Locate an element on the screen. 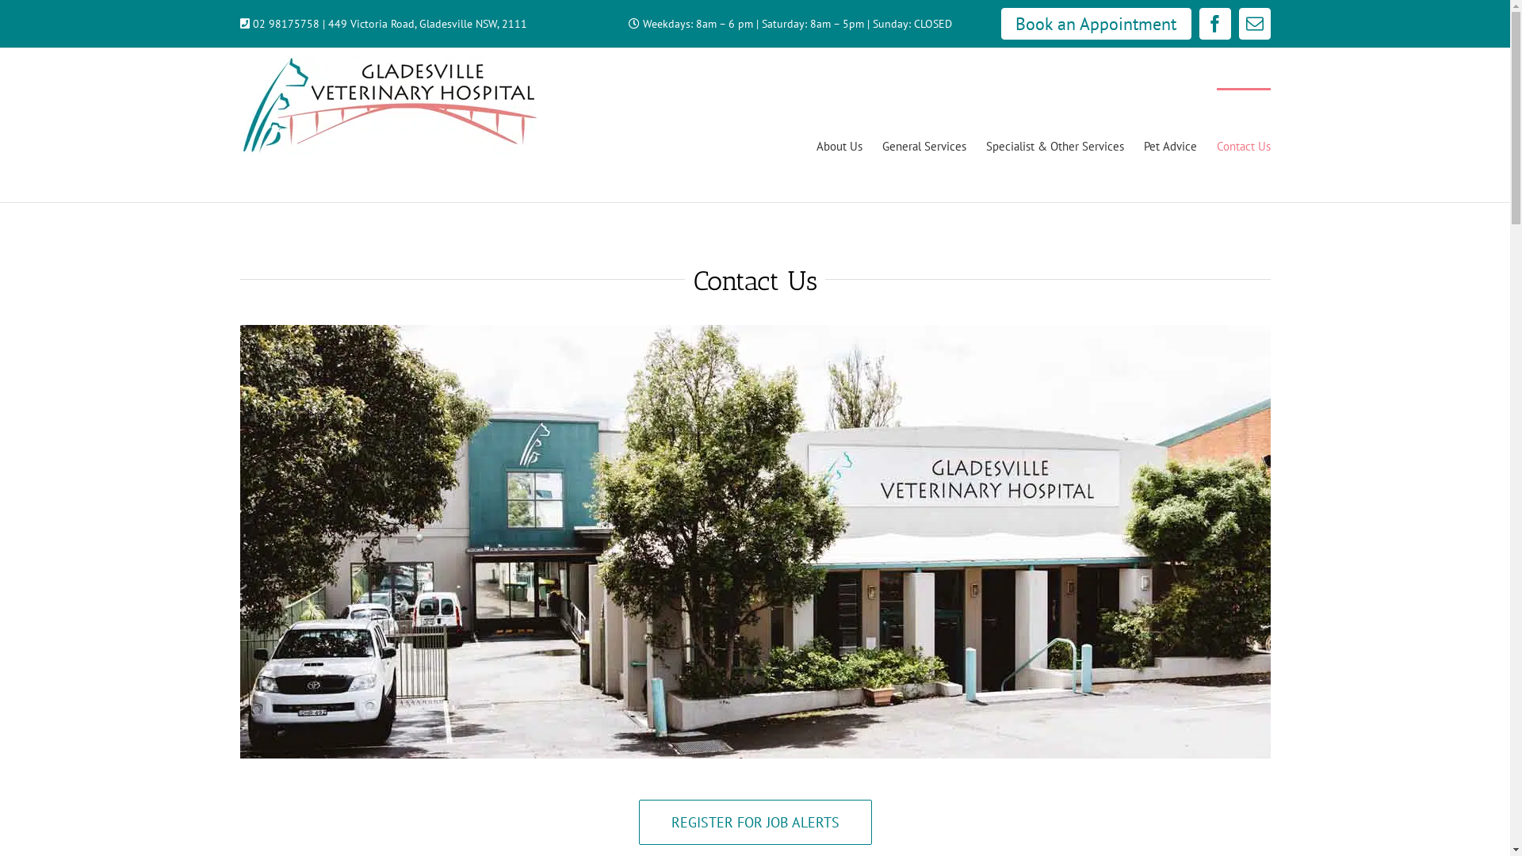 This screenshot has height=856, width=1522. '02 98175758' is located at coordinates (285, 24).